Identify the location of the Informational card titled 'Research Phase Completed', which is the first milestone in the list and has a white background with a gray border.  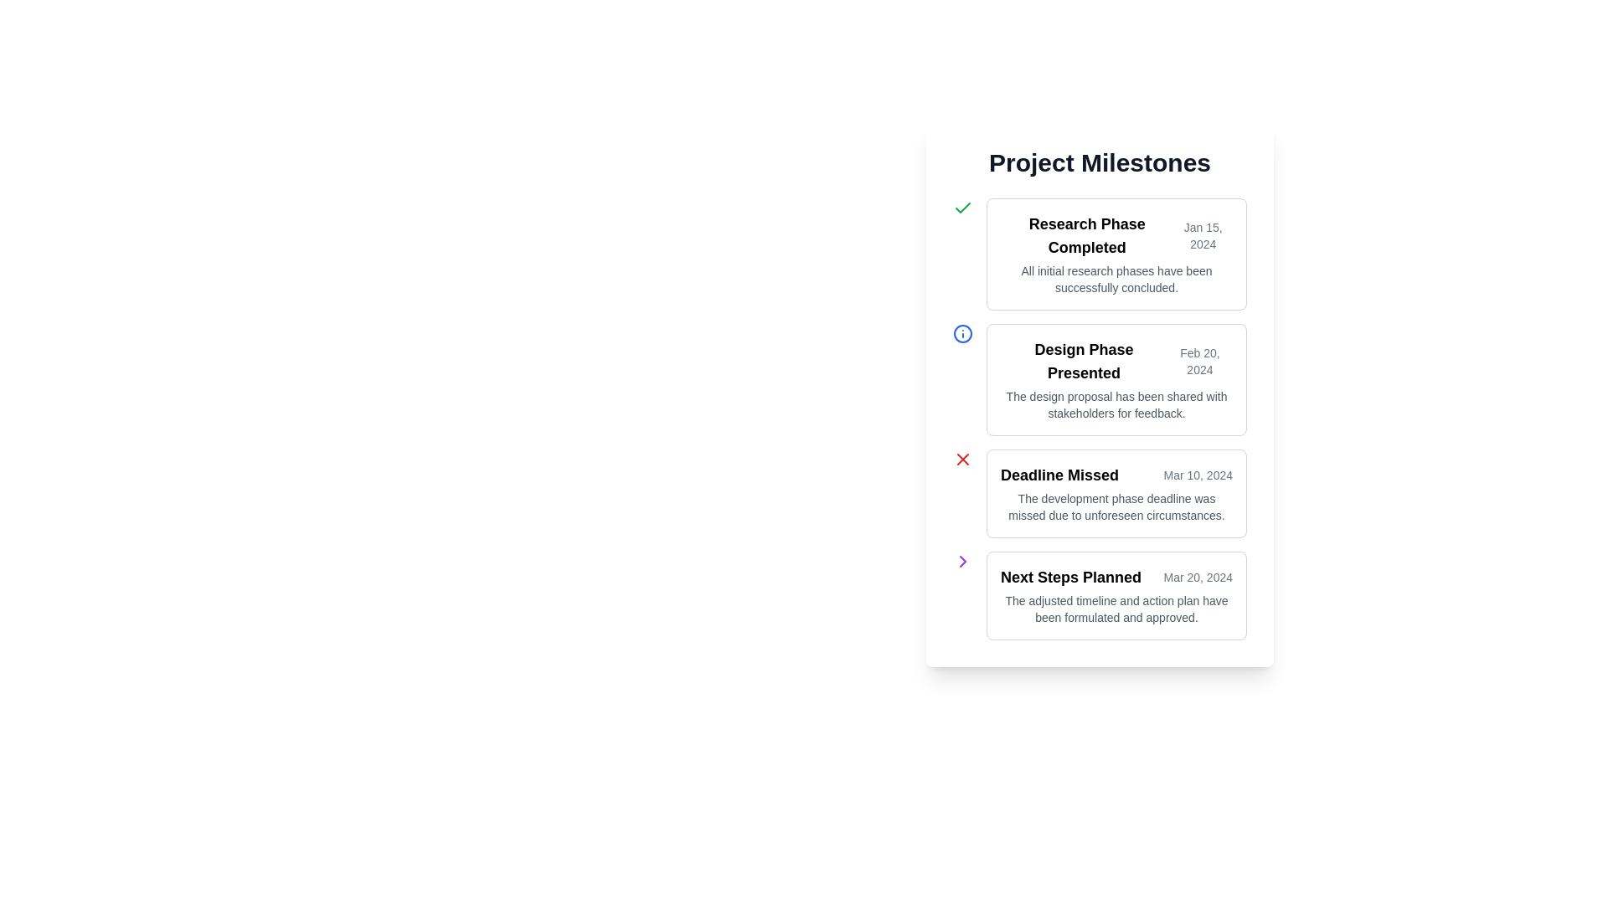
(1116, 254).